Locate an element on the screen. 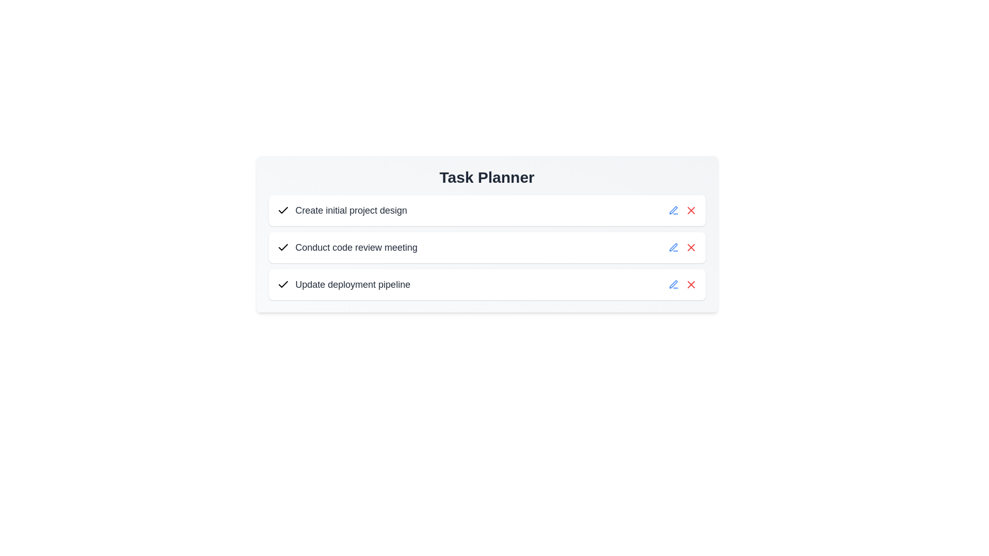 The width and height of the screenshot is (989, 556). the blue pen icon button located between the task description and the red cross icon in the task management interface is located at coordinates (673, 210).